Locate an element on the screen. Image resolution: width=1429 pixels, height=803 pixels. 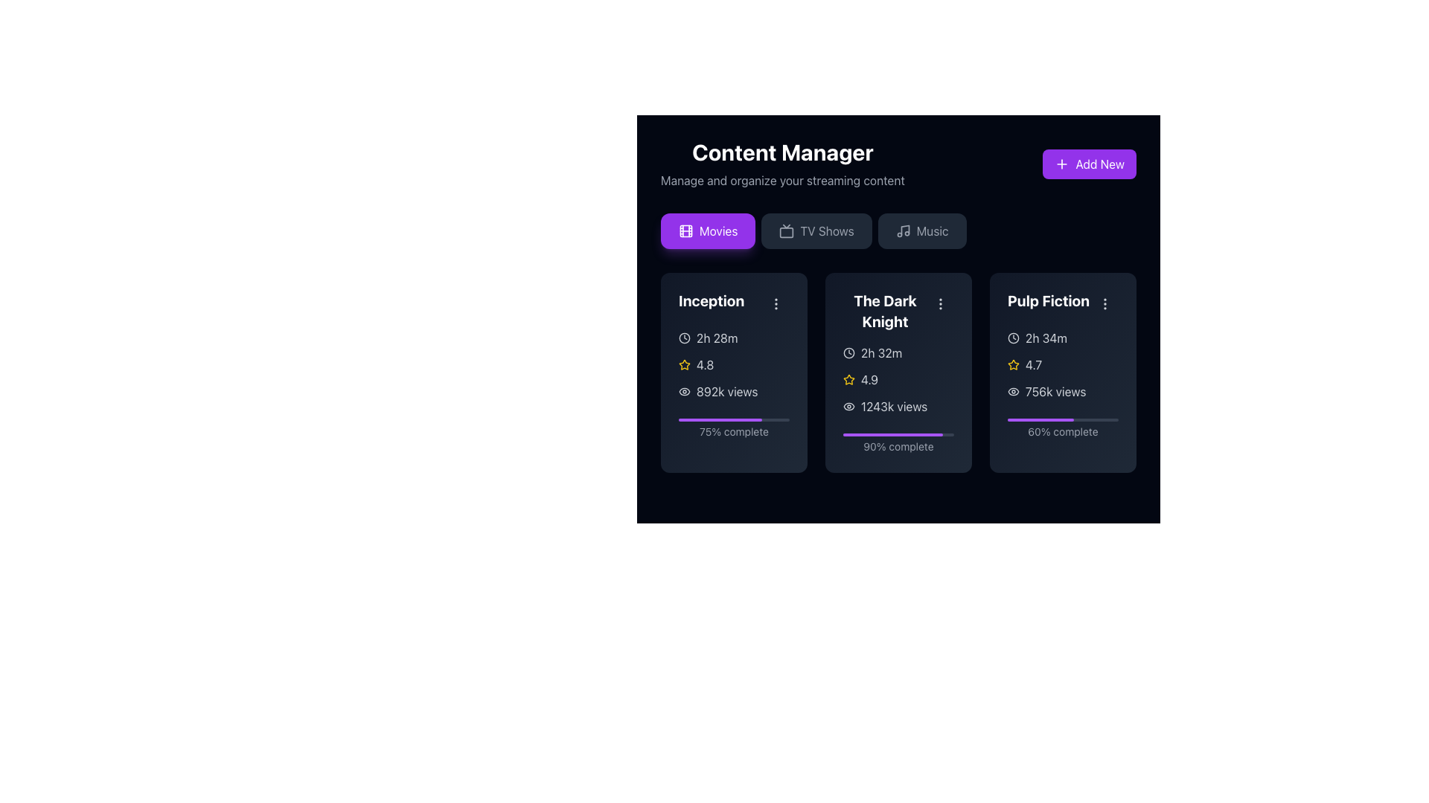
the 'Music' button, which is the third button in a row of three, located under the 'Content Manager' header is located at coordinates (921, 231).